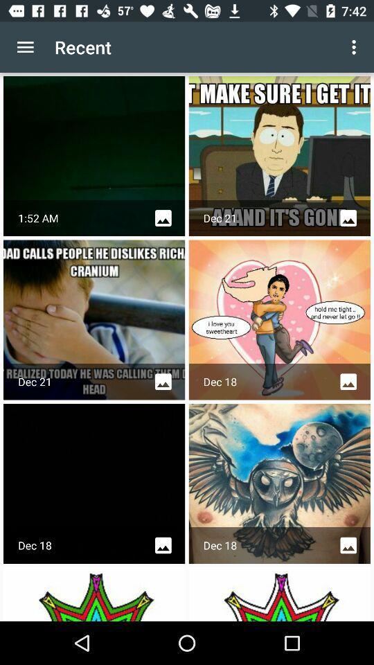  What do you see at coordinates (25, 47) in the screenshot?
I see `icon next to recent item` at bounding box center [25, 47].